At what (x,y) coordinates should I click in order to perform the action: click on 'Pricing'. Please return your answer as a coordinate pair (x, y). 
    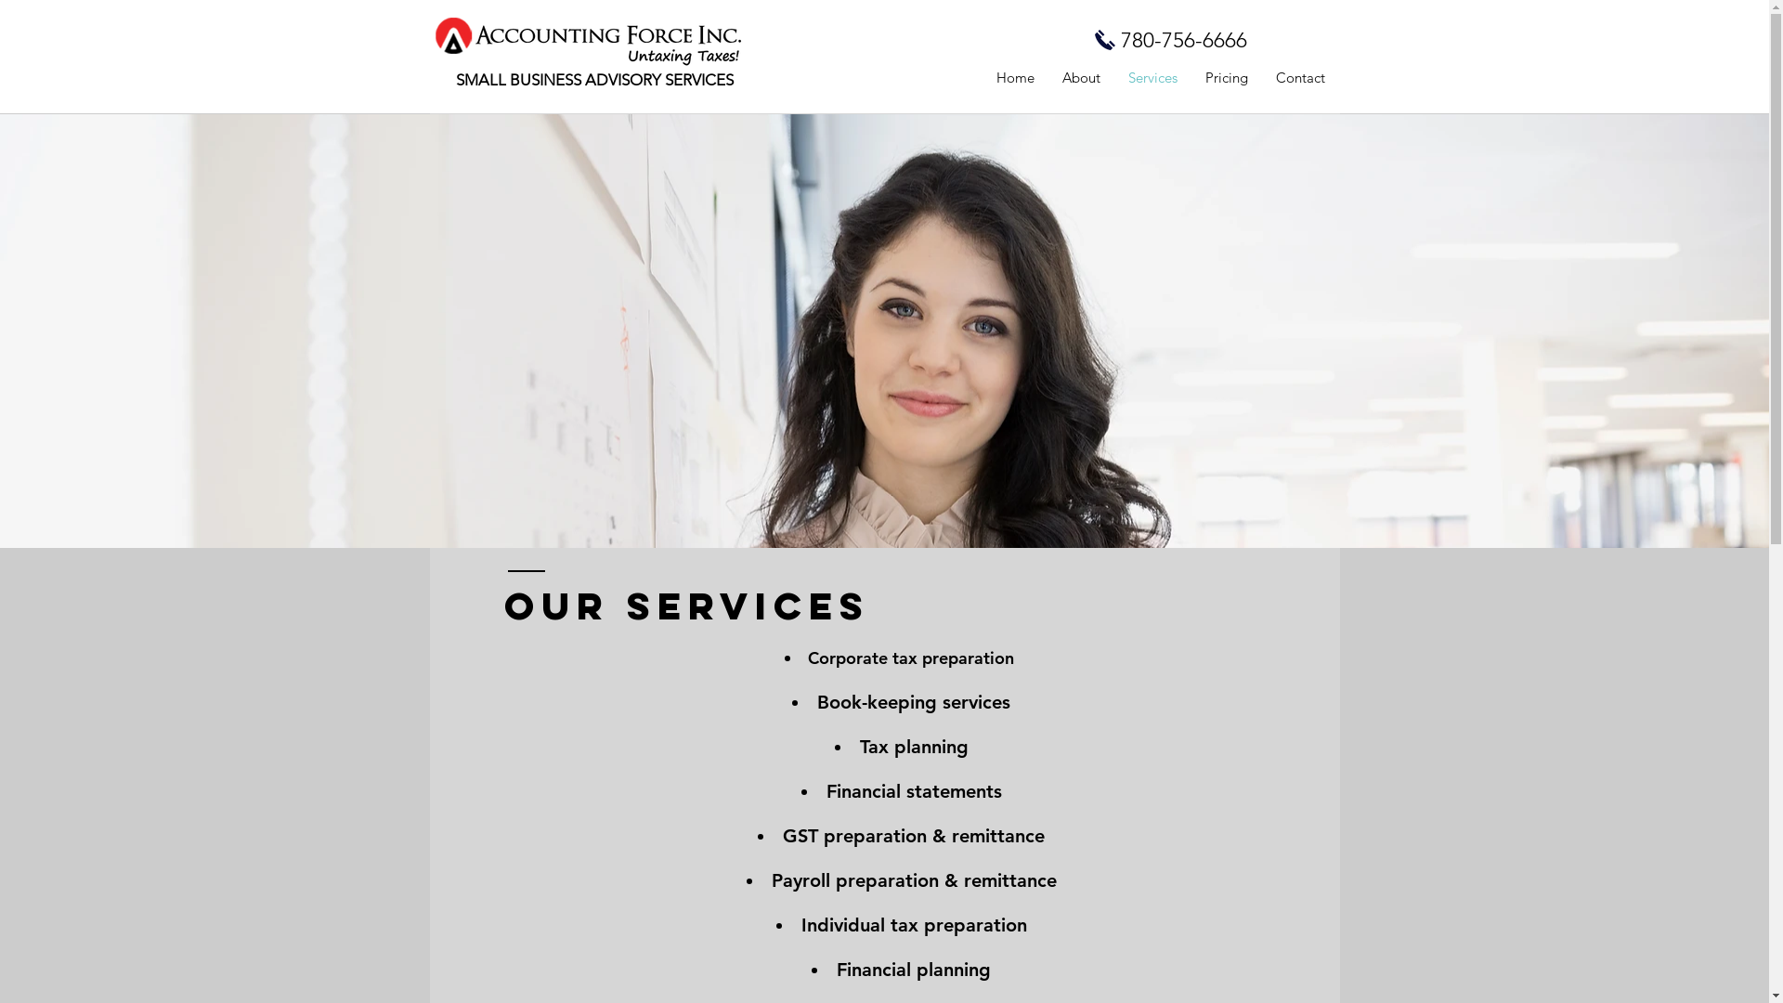
    Looking at the image, I should click on (1226, 77).